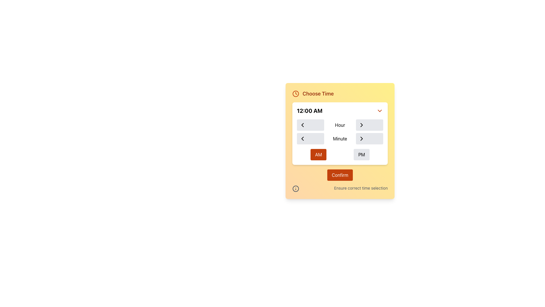  I want to click on the rectangular button with a light gray background and a right-pointing chevron symbol in the 'Minute' row of the grid layout to increment minutes, so click(369, 139).